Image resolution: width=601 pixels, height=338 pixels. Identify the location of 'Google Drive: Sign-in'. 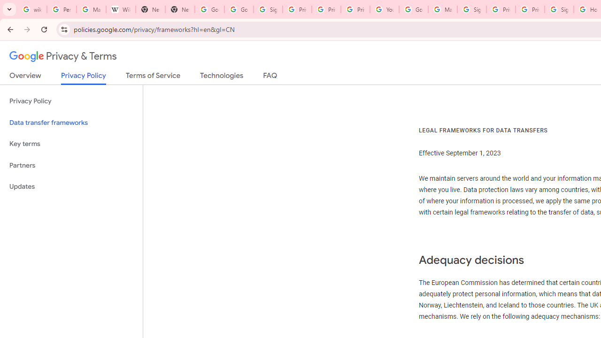
(239, 9).